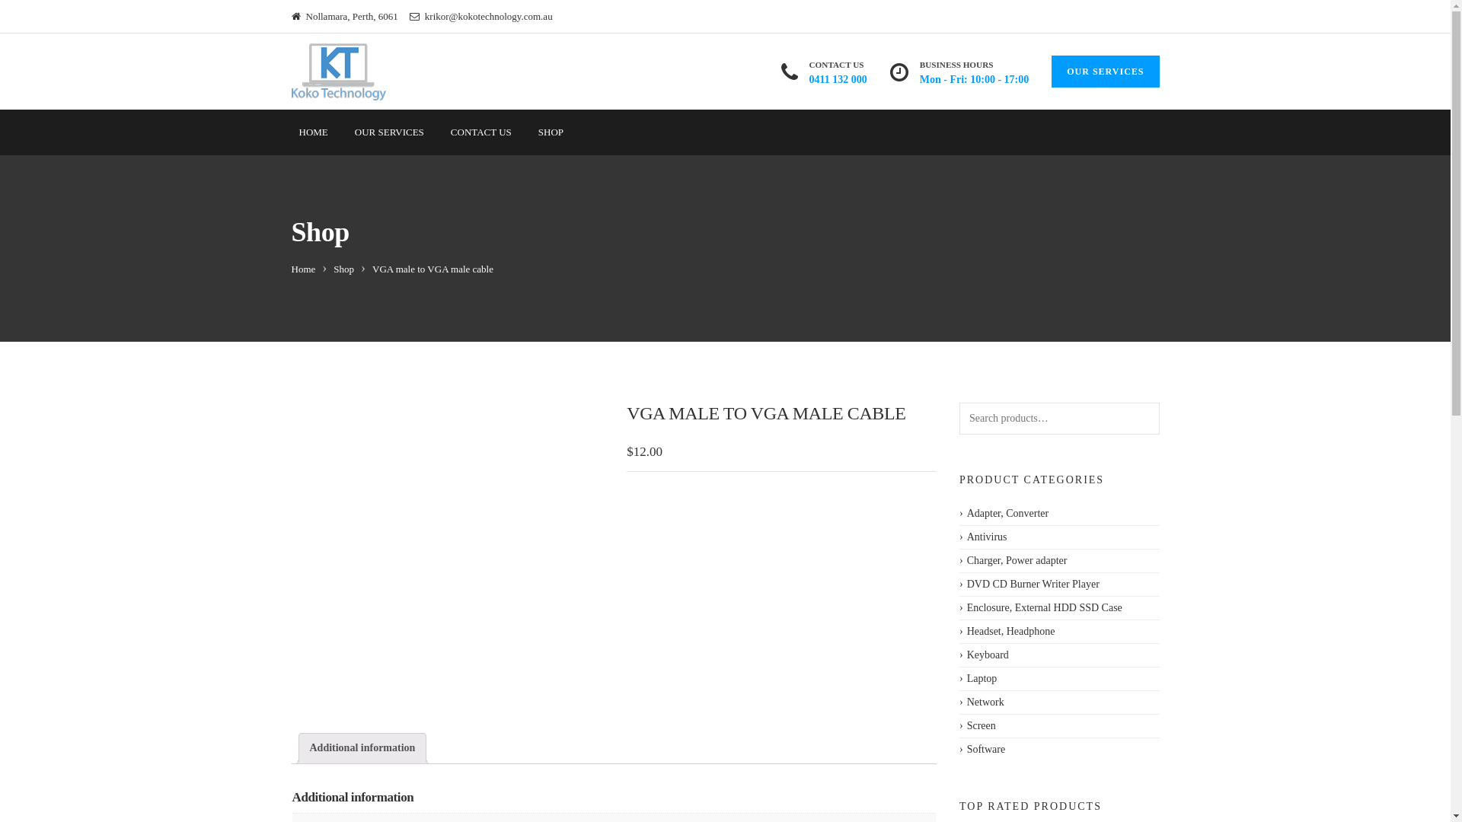 This screenshot has height=822, width=1462. What do you see at coordinates (984, 654) in the screenshot?
I see `'Keyboard'` at bounding box center [984, 654].